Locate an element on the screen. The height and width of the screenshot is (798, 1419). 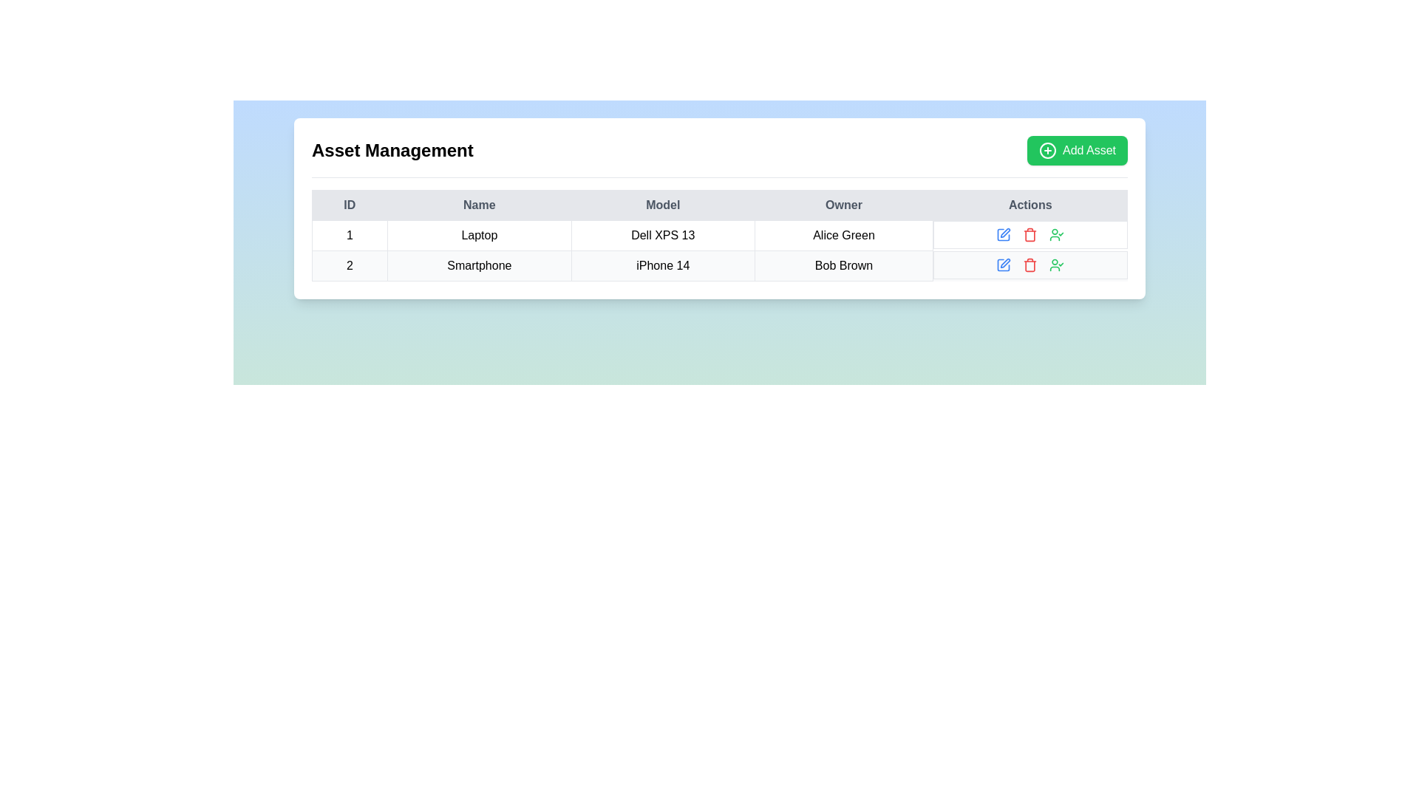
the delete icon button located in the 'Actions' column of the second data row in the table is located at coordinates (1030, 264).